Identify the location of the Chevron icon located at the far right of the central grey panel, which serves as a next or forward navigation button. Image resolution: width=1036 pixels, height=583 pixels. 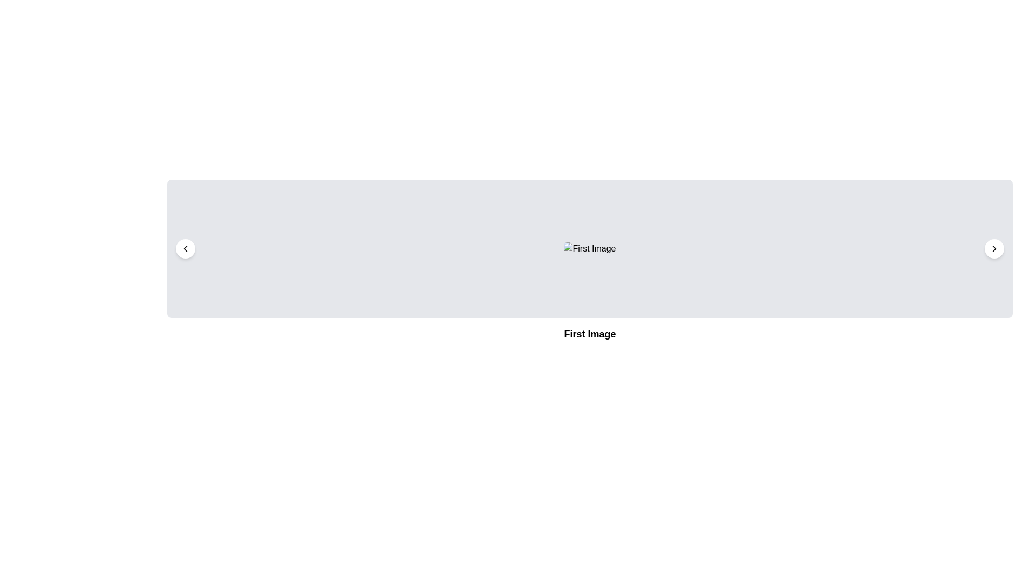
(994, 249).